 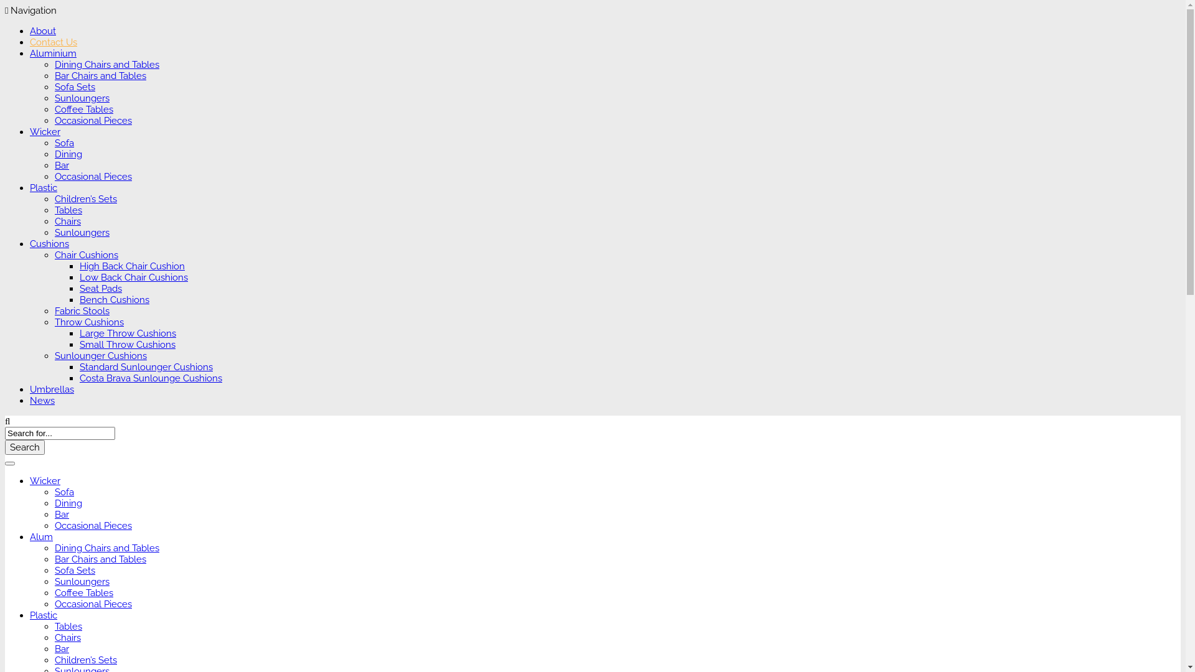 I want to click on 'Aluminium', so click(x=52, y=52).